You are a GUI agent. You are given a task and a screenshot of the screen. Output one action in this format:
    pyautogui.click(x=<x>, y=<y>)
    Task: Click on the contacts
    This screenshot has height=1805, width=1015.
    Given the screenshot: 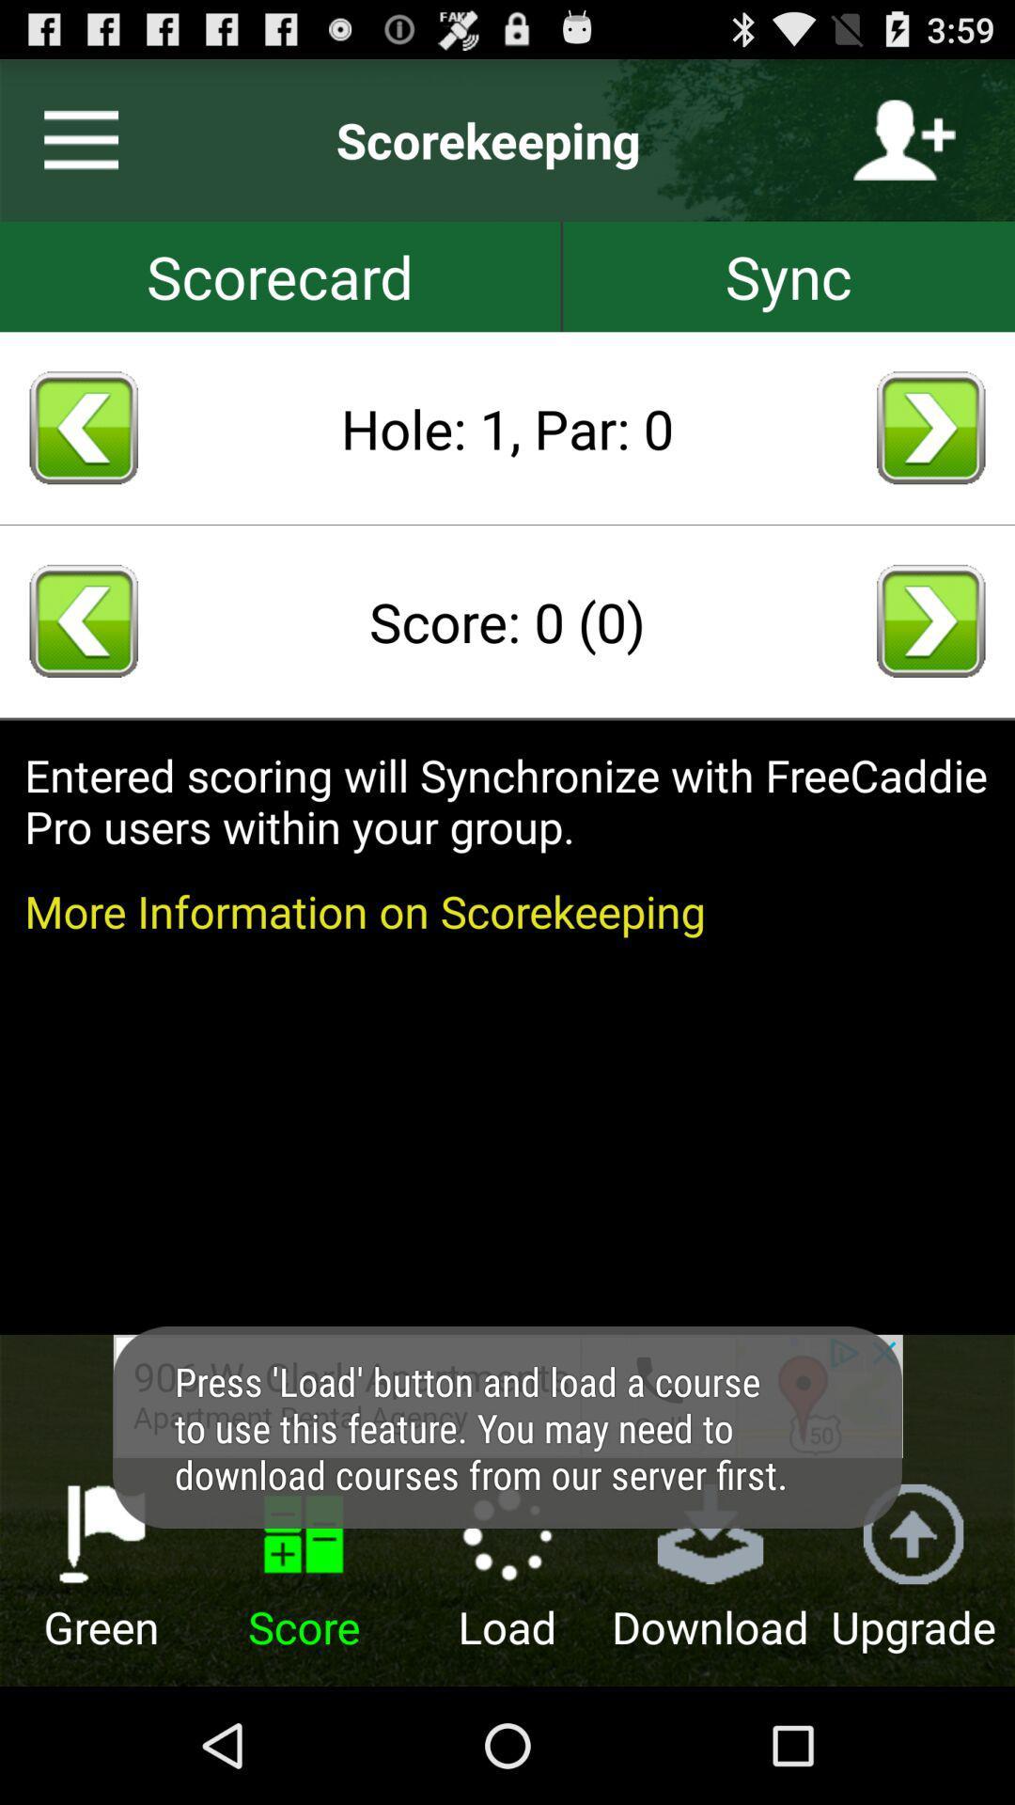 What is the action you would take?
    pyautogui.click(x=903, y=139)
    